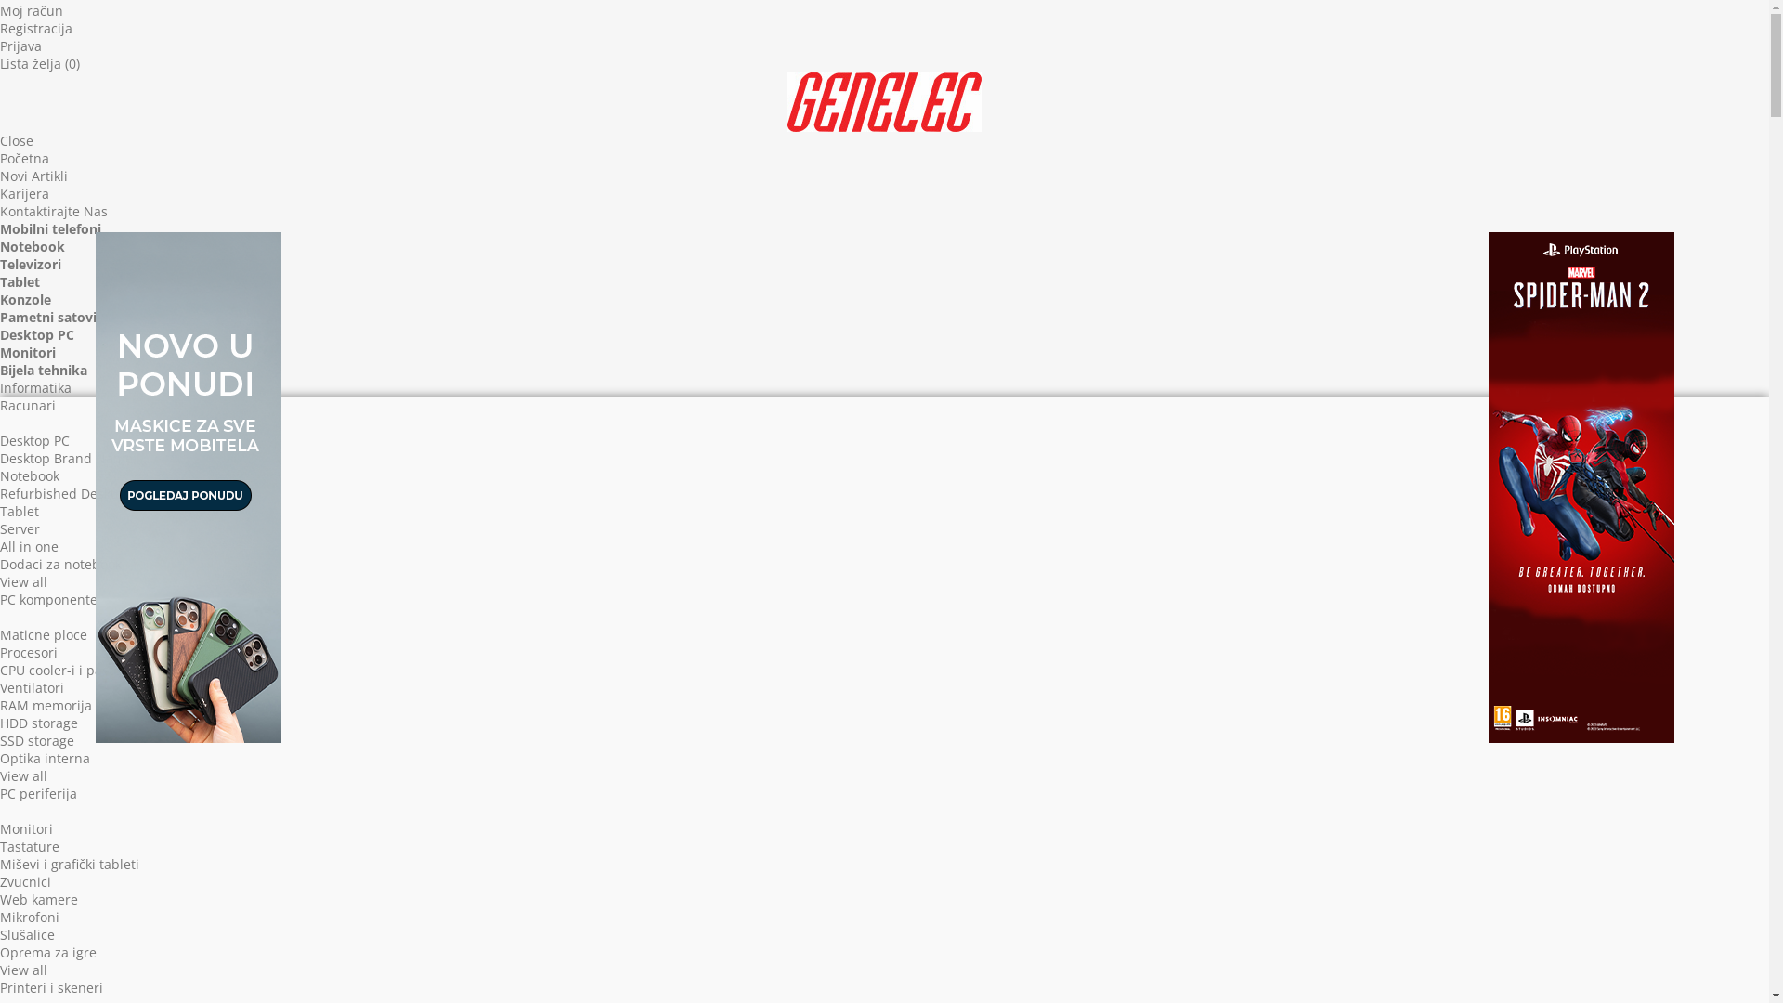 The image size is (1783, 1003). What do you see at coordinates (30, 916) in the screenshot?
I see `'Mikrofoni'` at bounding box center [30, 916].